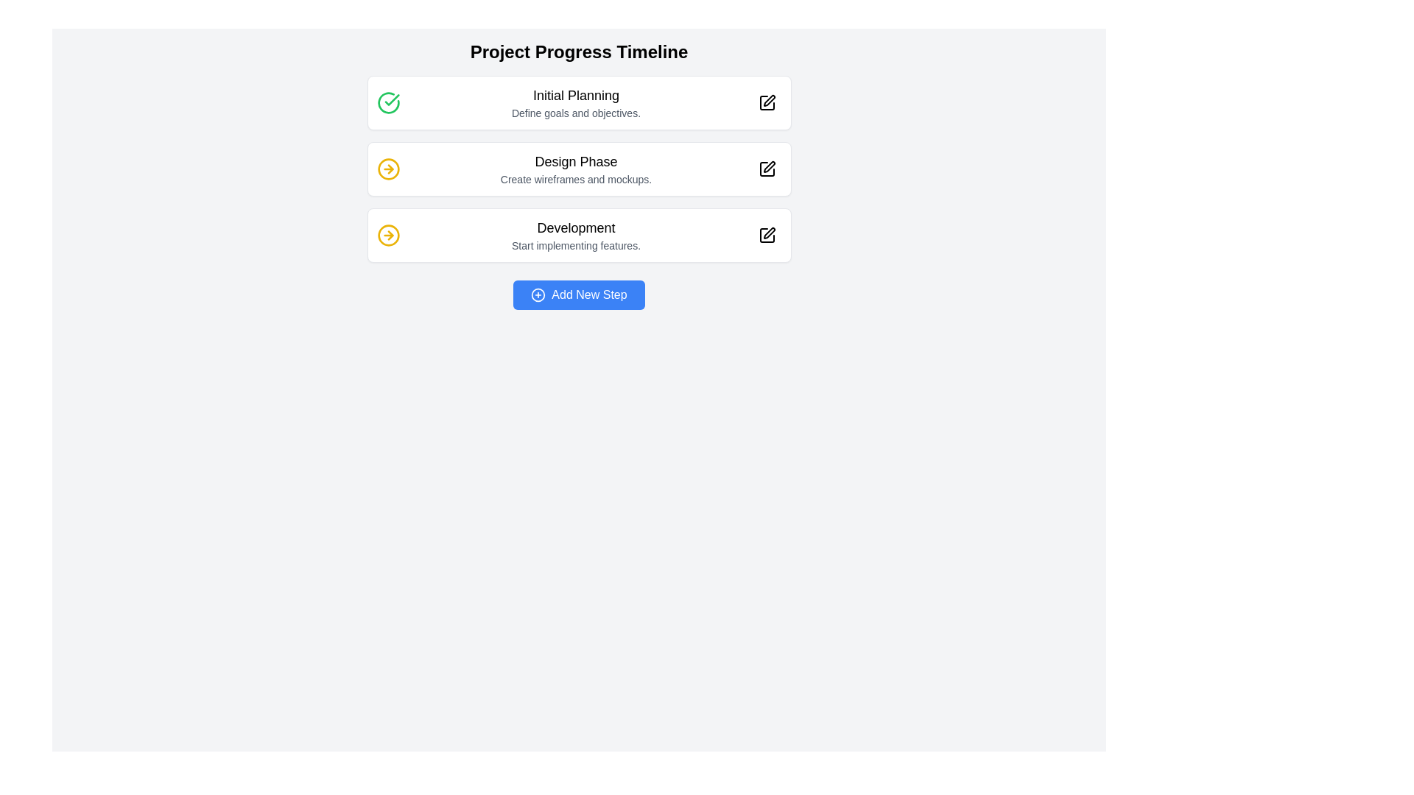  Describe the element at coordinates (578, 51) in the screenshot. I see `the Text Header element that serves as the primary heading for the project progress timeline interface` at that location.